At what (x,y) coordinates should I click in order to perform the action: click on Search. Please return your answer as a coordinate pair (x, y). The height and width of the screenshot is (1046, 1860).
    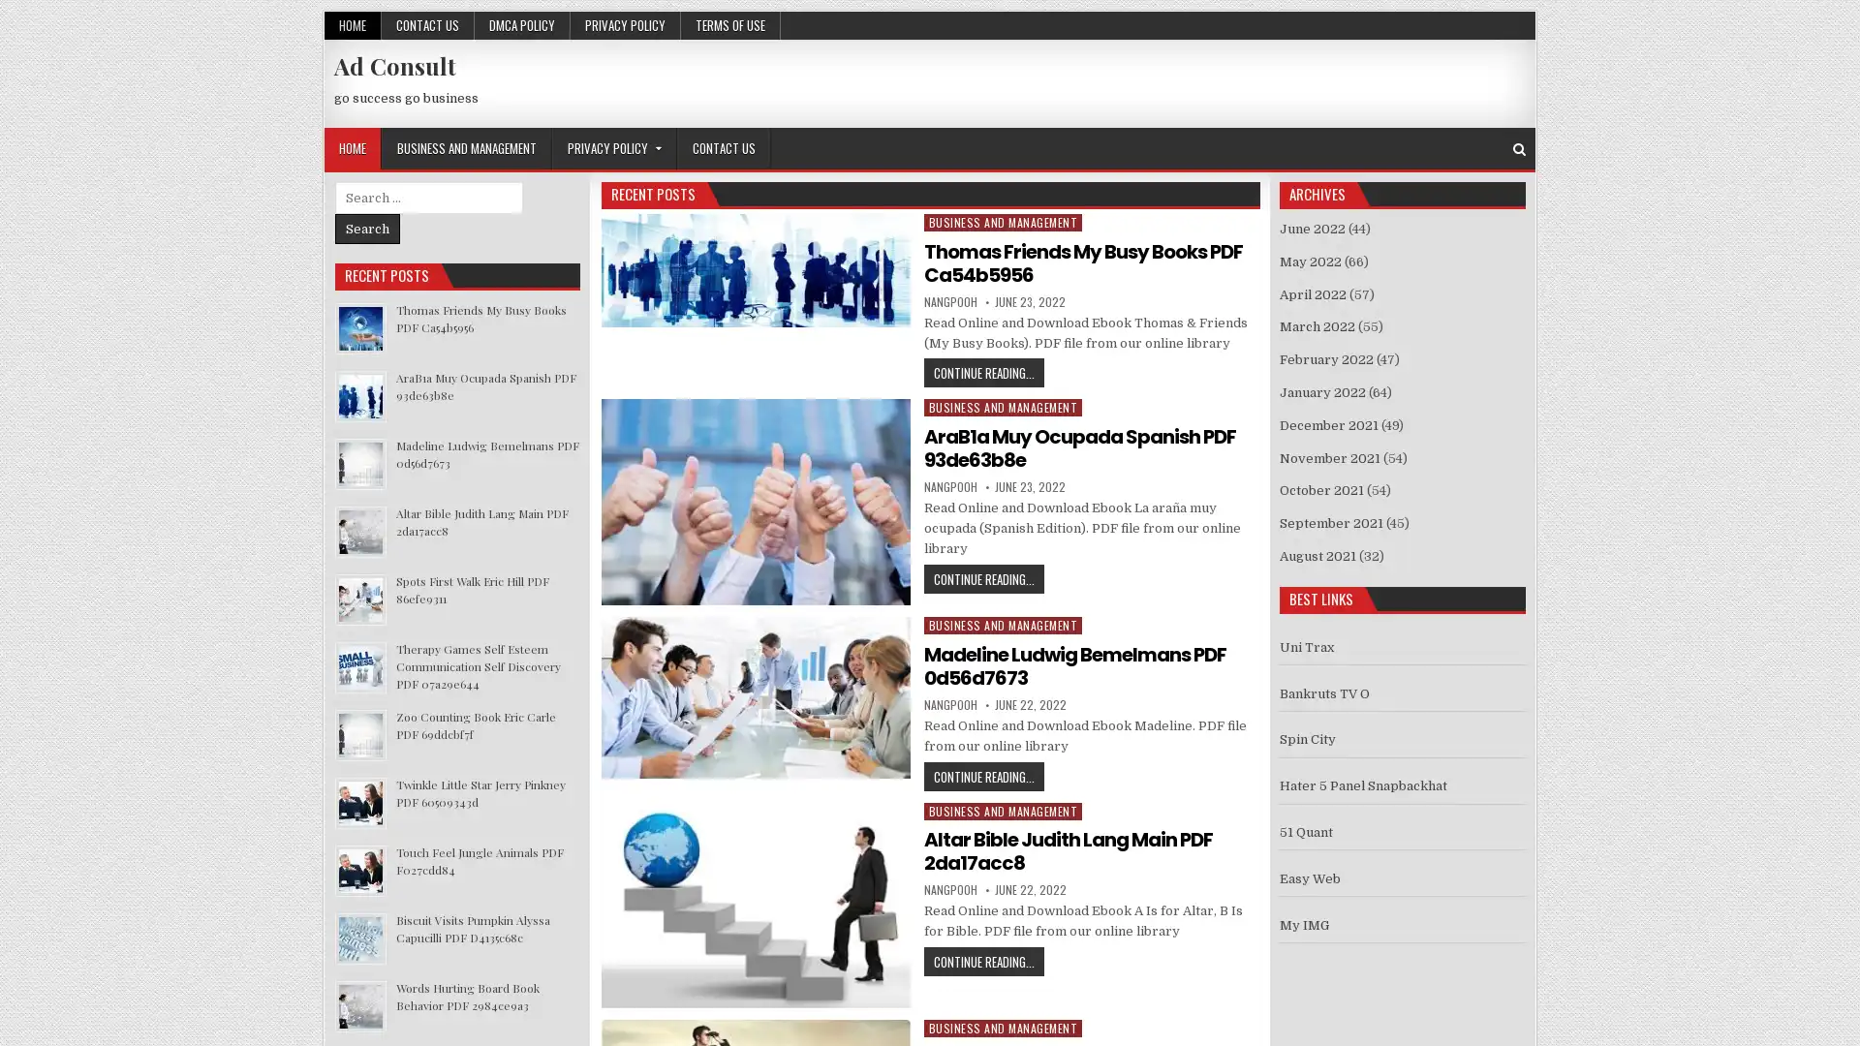
    Looking at the image, I should click on (366, 228).